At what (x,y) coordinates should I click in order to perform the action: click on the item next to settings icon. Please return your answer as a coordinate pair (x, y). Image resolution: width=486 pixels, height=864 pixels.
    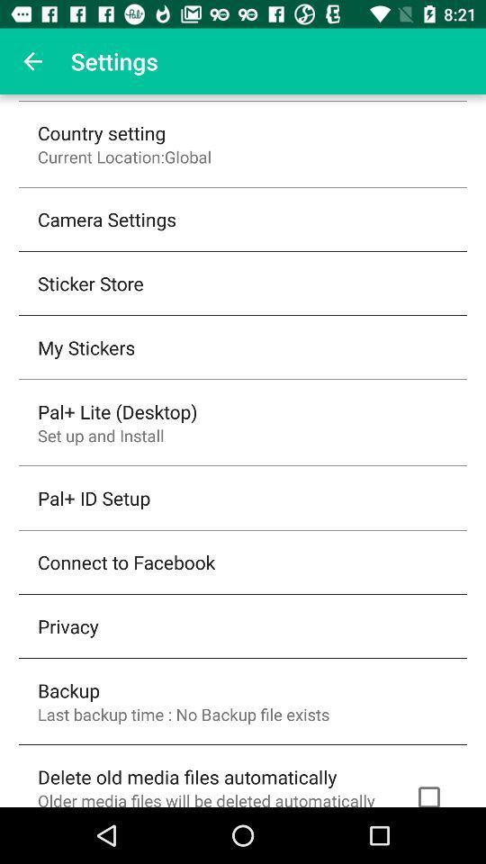
    Looking at the image, I should click on (32, 61).